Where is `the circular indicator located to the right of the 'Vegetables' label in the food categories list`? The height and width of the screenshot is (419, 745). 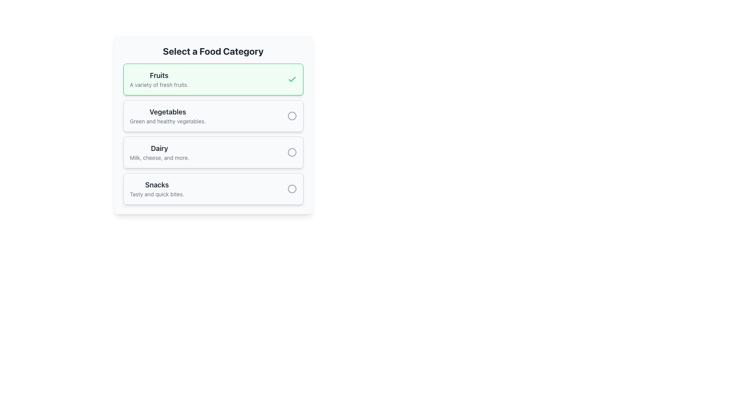
the circular indicator located to the right of the 'Vegetables' label in the food categories list is located at coordinates (291, 116).